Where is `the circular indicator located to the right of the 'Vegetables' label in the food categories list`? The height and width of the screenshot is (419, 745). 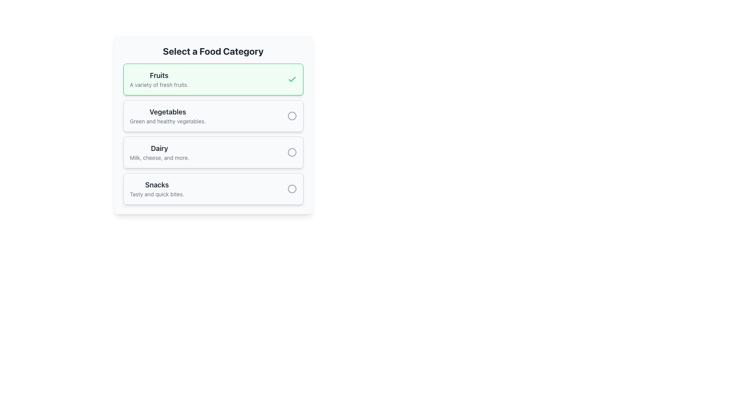
the circular indicator located to the right of the 'Vegetables' label in the food categories list is located at coordinates (291, 116).